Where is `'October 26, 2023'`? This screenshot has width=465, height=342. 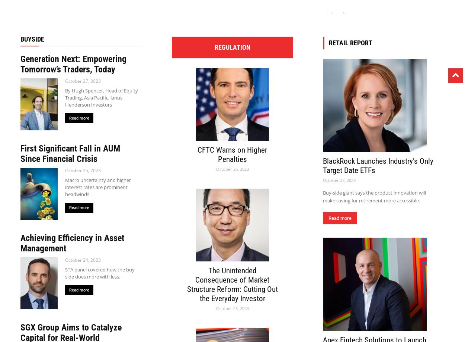
'October 26, 2023' is located at coordinates (232, 169).